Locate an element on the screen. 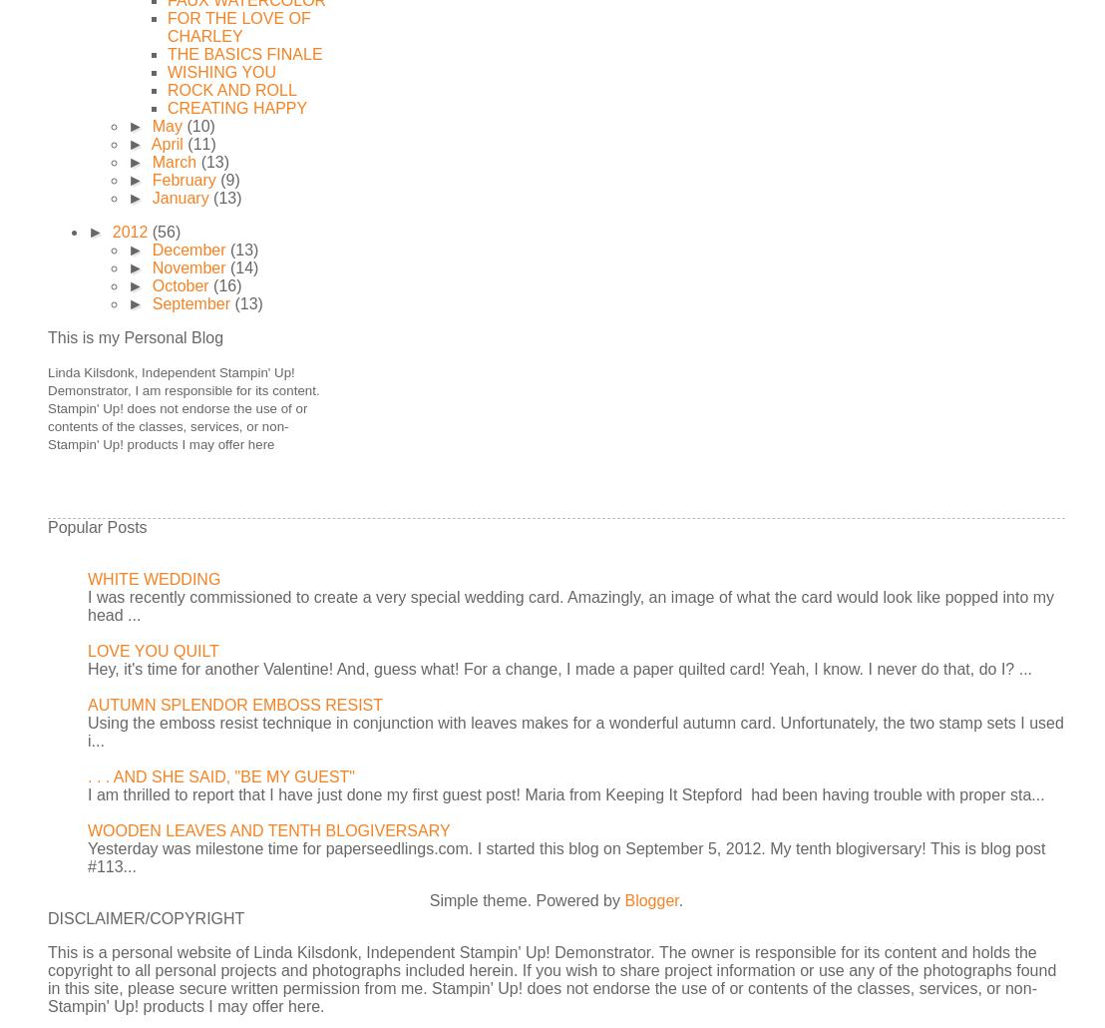 The width and height of the screenshot is (1105, 1028). 'Yesterday was milestone time for paperseedlings.com. I started this blog on September 5, 2012. My tenth blogiversary! This is blog post #113...' is located at coordinates (565, 857).